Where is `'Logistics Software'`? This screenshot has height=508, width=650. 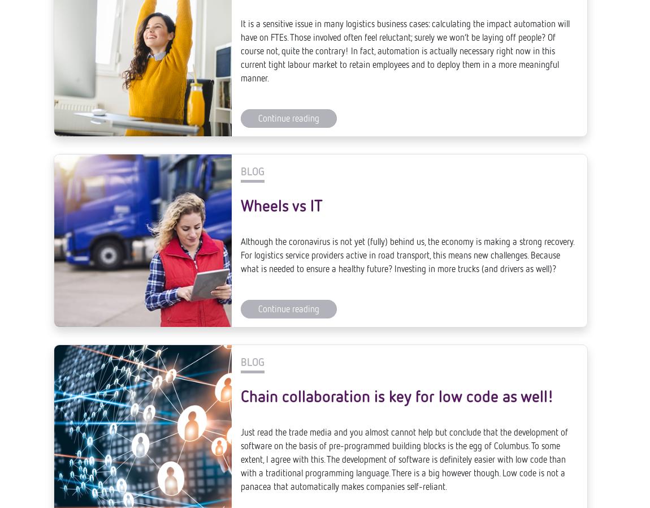 'Logistics Software' is located at coordinates (53, 483).